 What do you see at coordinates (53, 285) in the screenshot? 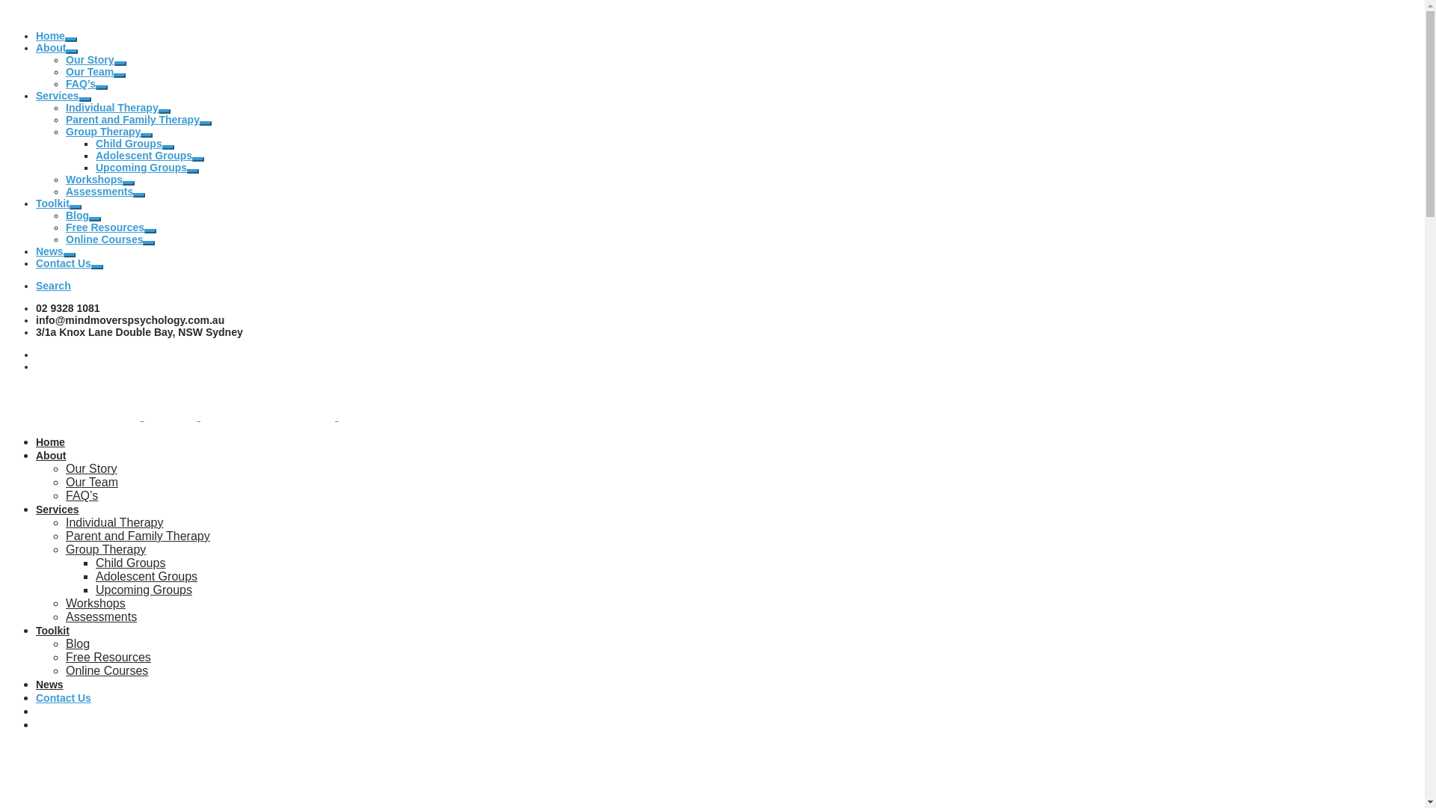
I see `'Search'` at bounding box center [53, 285].